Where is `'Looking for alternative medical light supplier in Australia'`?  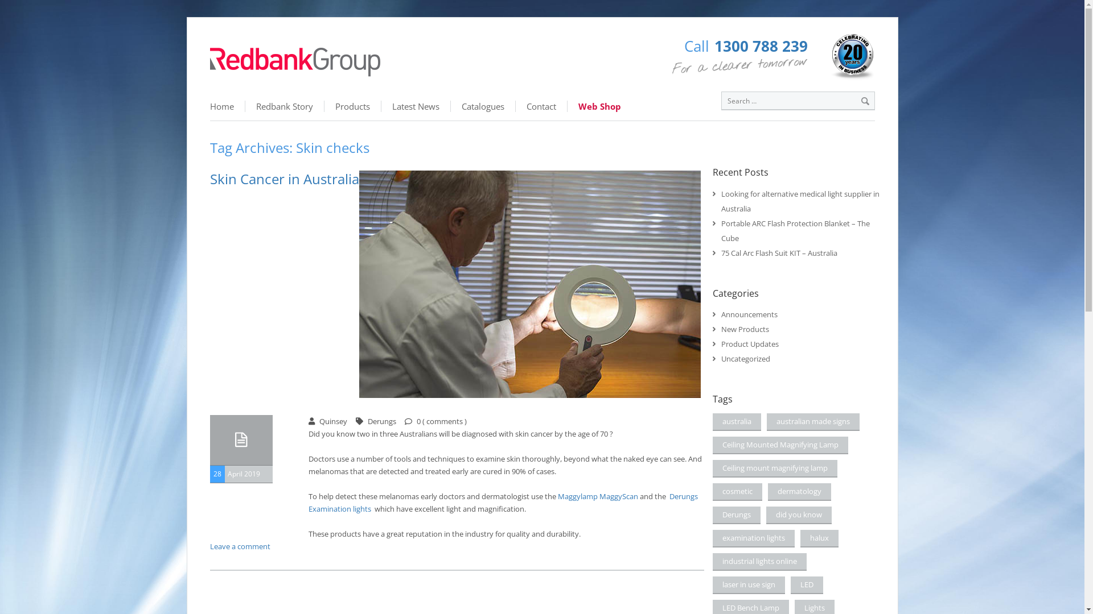
'Looking for alternative medical light supplier in Australia' is located at coordinates (800, 201).